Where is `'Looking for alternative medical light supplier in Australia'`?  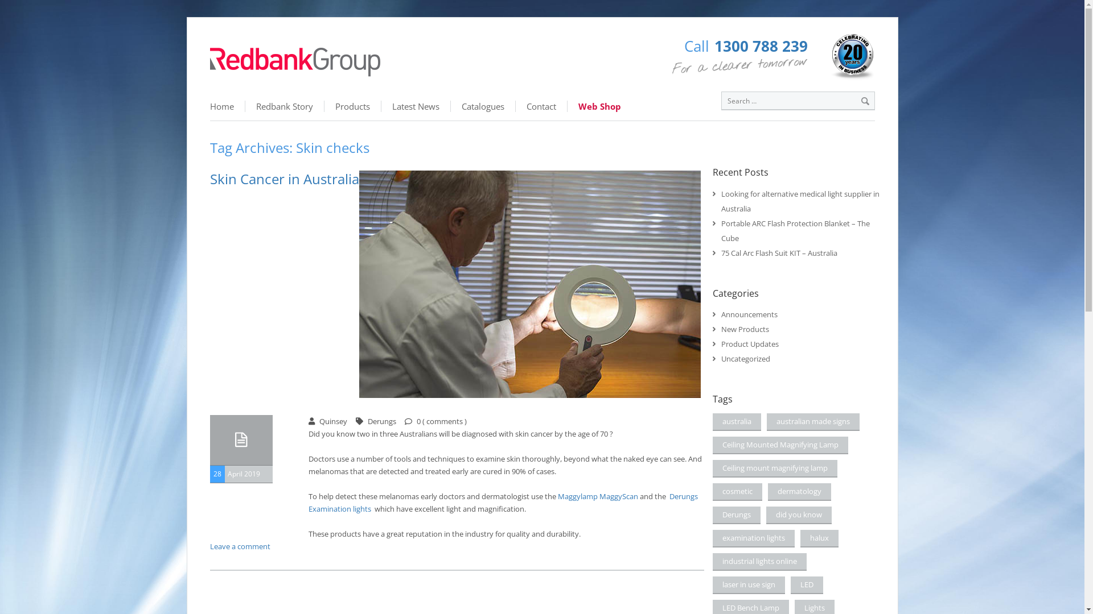
'Looking for alternative medical light supplier in Australia' is located at coordinates (800, 201).